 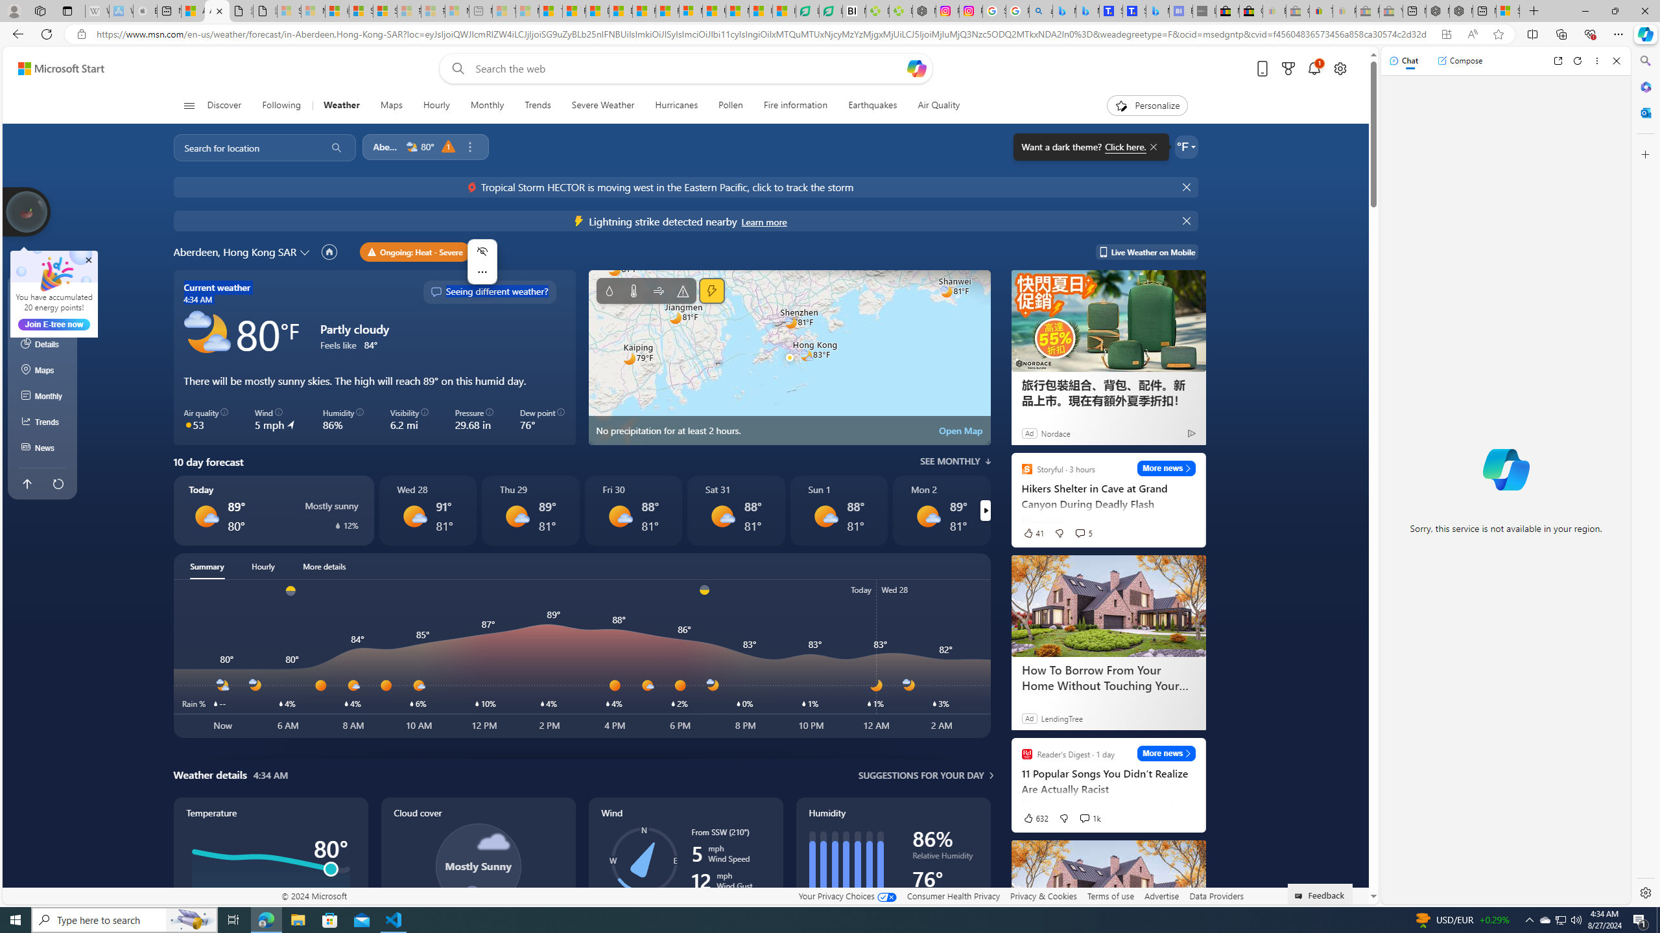 What do you see at coordinates (938, 105) in the screenshot?
I see `'Air Quality'` at bounding box center [938, 105].